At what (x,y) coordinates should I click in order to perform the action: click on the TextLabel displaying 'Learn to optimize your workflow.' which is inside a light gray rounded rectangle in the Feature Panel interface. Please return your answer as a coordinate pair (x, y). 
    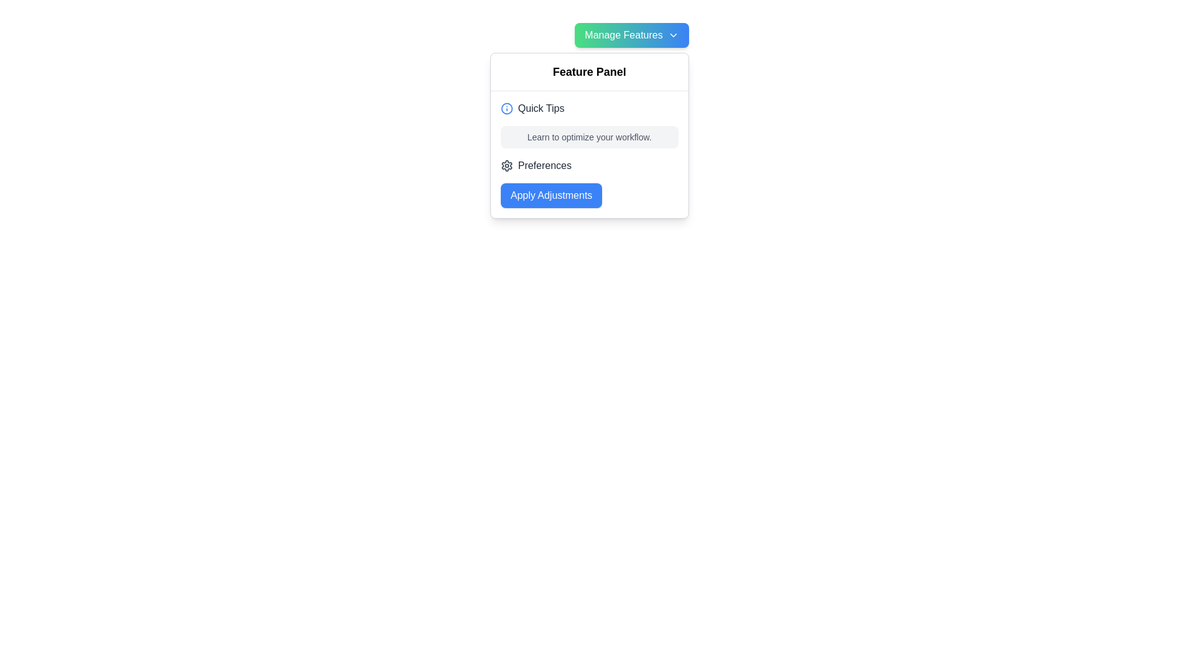
    Looking at the image, I should click on (588, 137).